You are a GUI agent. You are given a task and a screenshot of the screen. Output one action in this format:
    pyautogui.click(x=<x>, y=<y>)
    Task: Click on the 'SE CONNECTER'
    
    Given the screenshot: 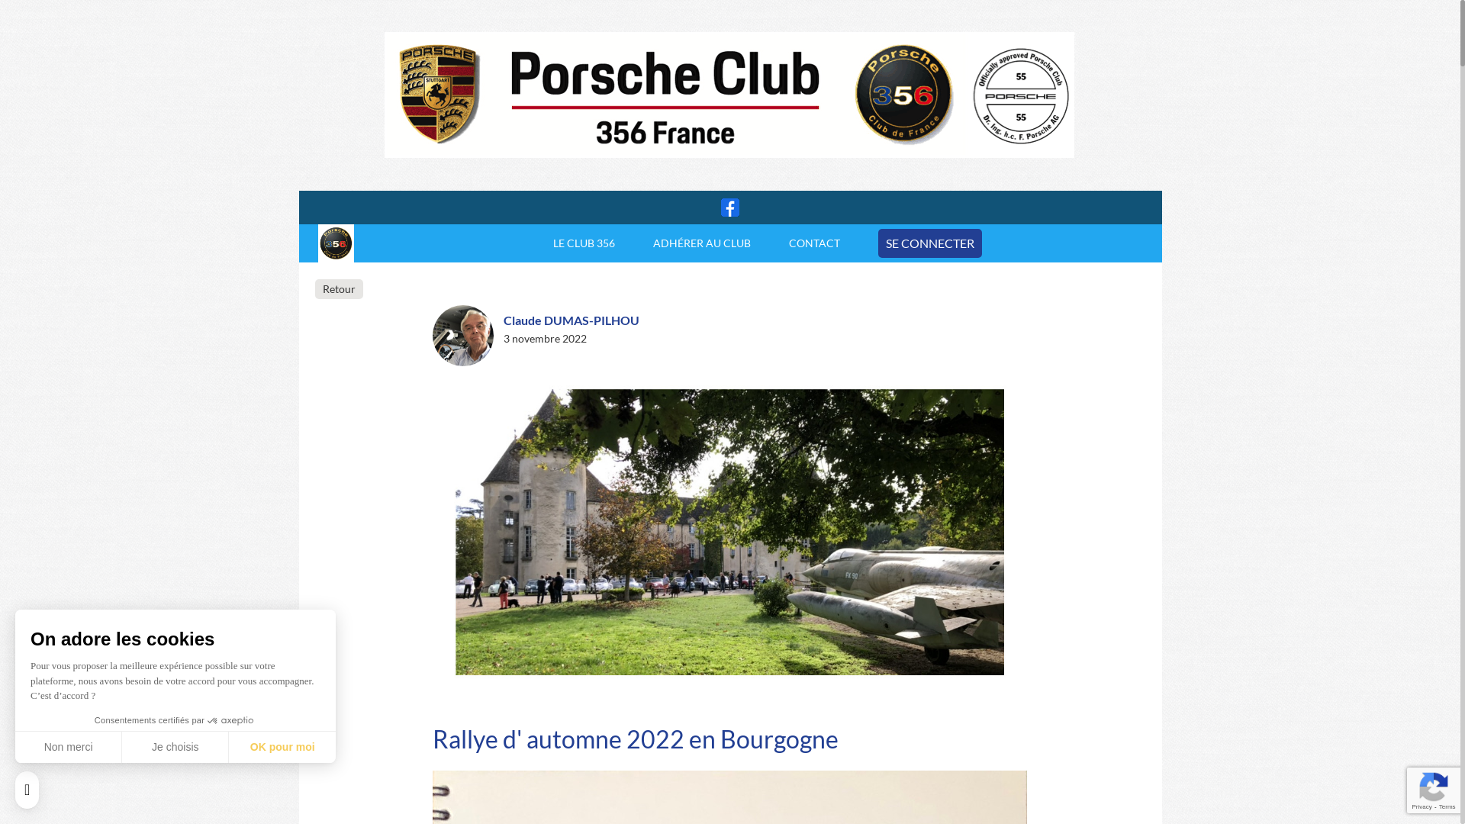 What is the action you would take?
    pyautogui.click(x=929, y=243)
    